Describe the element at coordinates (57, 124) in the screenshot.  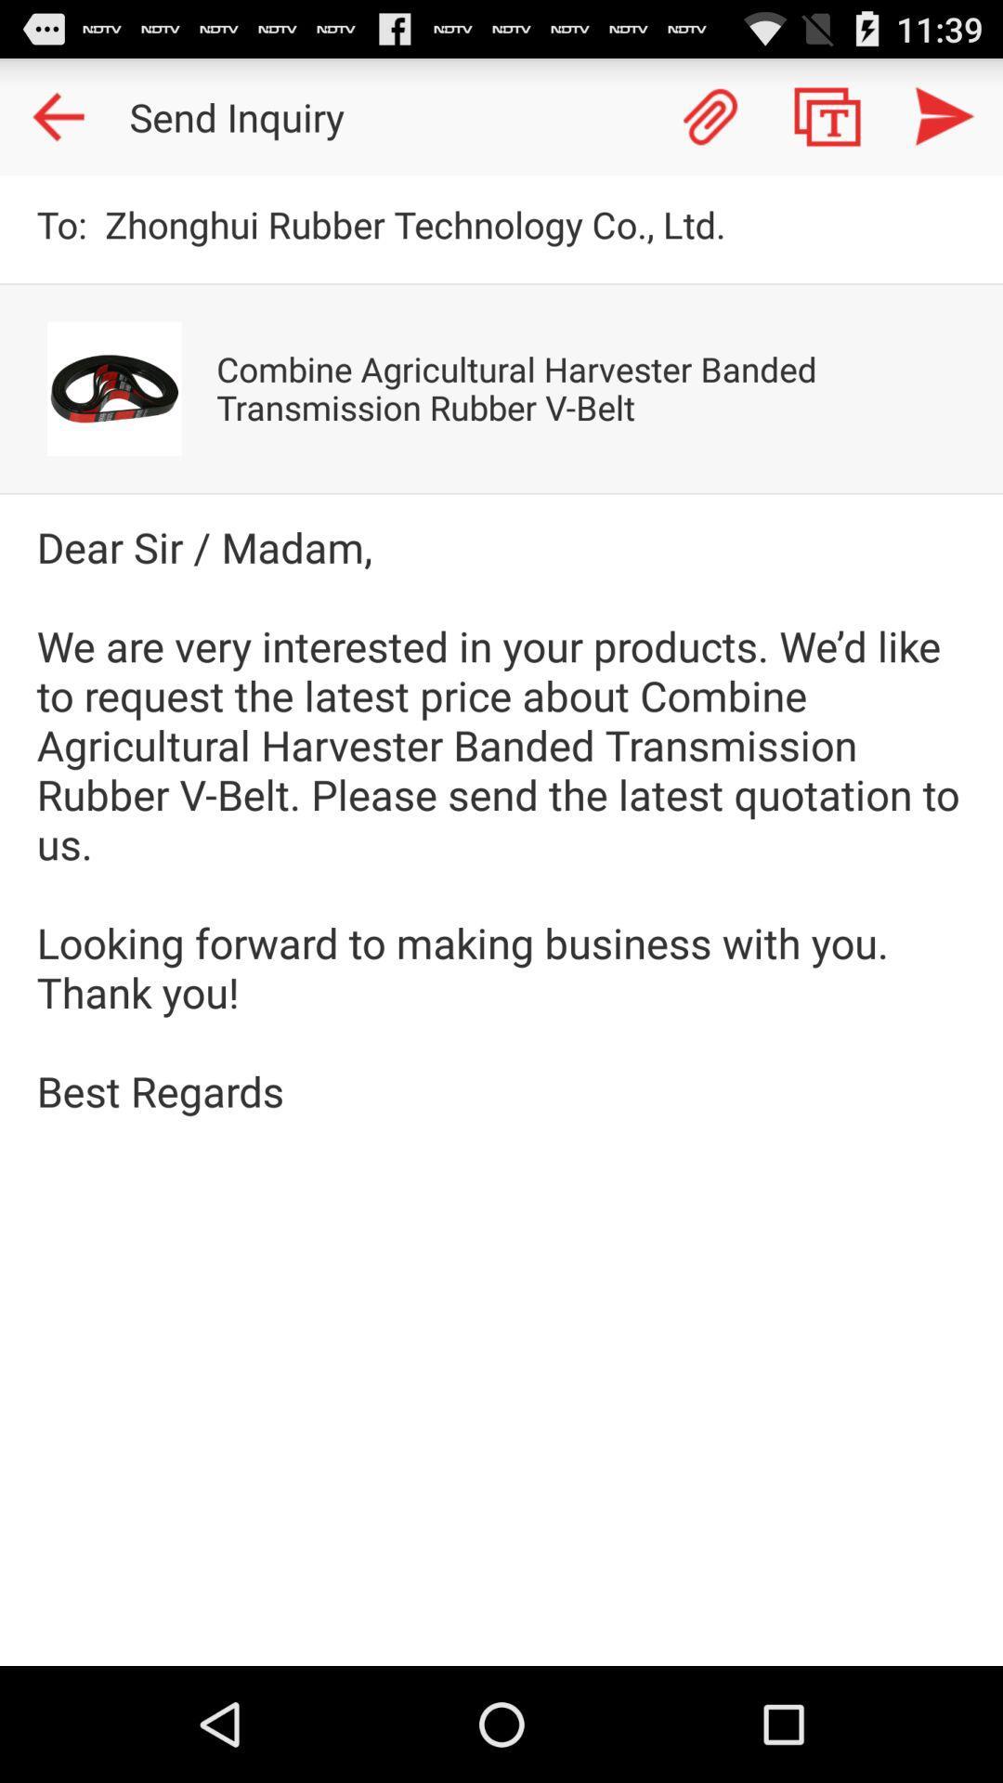
I see `the arrow_backward icon` at that location.